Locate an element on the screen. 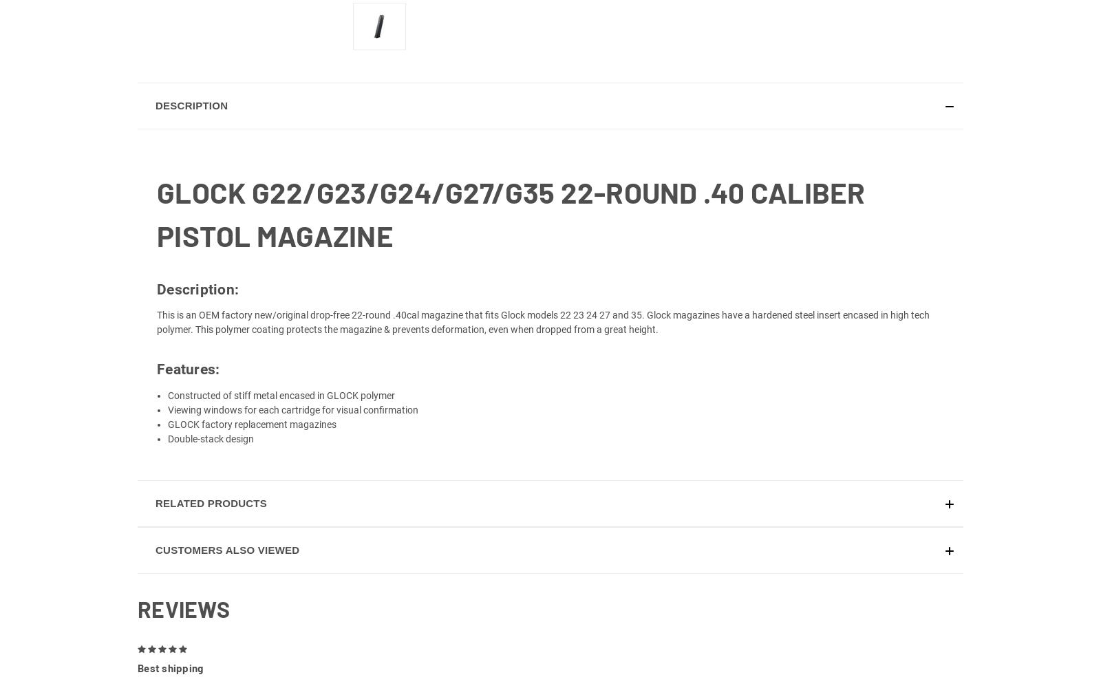 This screenshot has width=1101, height=677. 'Description:' is located at coordinates (197, 305).